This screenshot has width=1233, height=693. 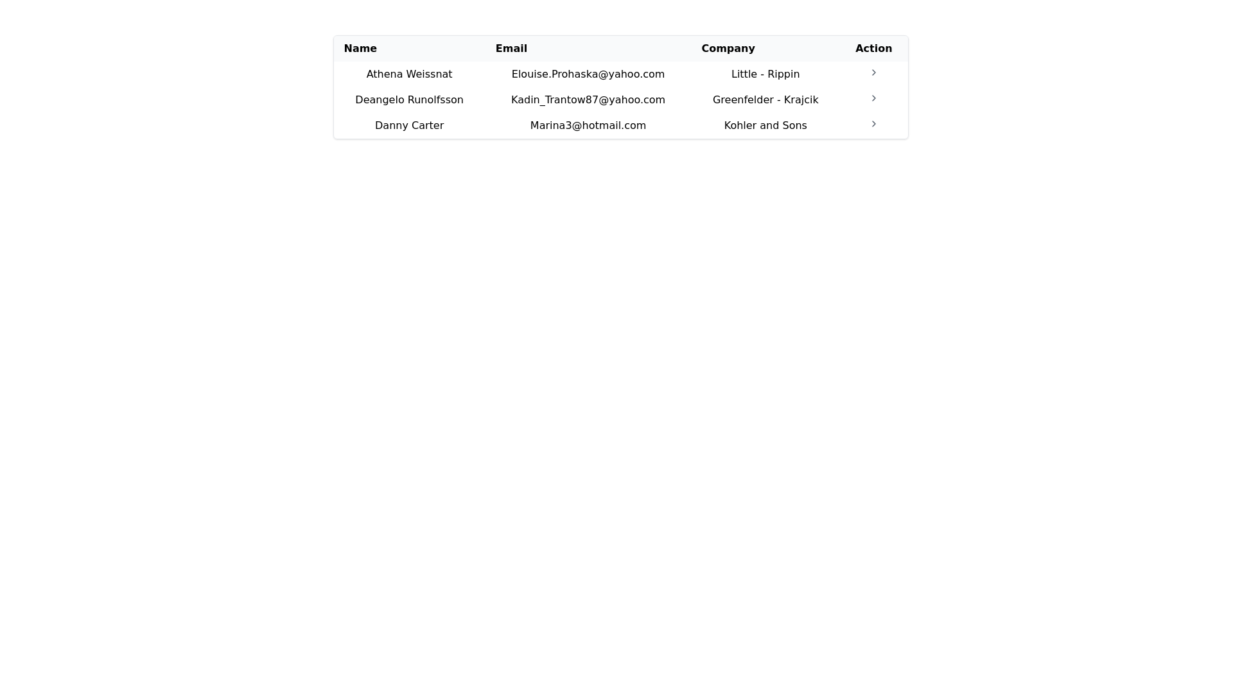 I want to click on the third row of the table containing the cells for 'Danny Carter', 'Marina3@hotmail.com', 'Kohler and Sons', and an arrow icon, so click(x=620, y=126).